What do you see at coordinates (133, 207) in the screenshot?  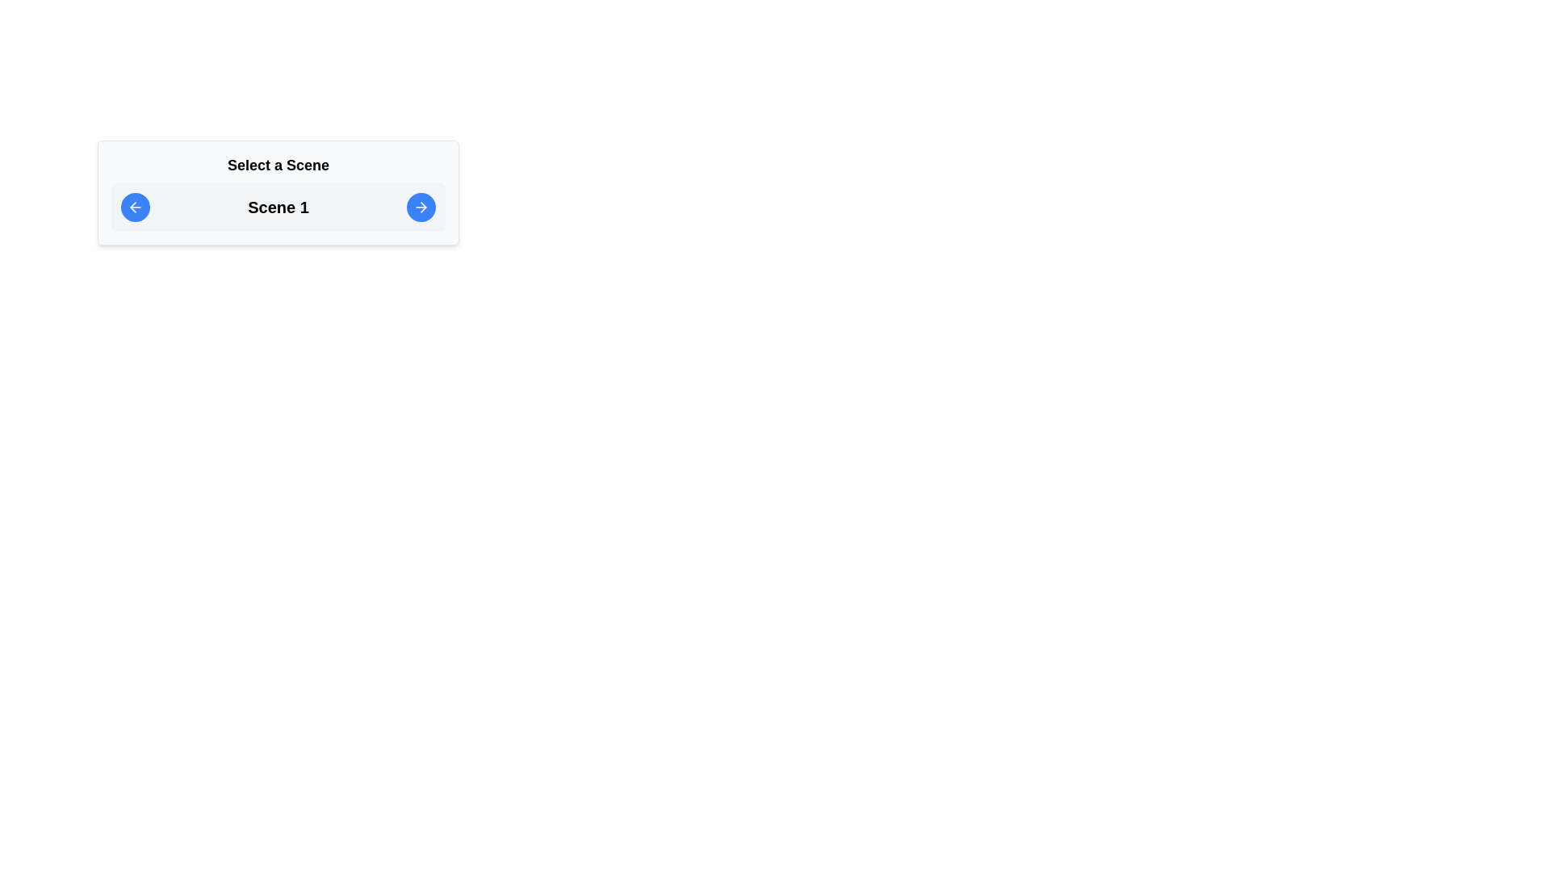 I see `the left-most circular navigational button that likely takes the user to a previous page or section` at bounding box center [133, 207].